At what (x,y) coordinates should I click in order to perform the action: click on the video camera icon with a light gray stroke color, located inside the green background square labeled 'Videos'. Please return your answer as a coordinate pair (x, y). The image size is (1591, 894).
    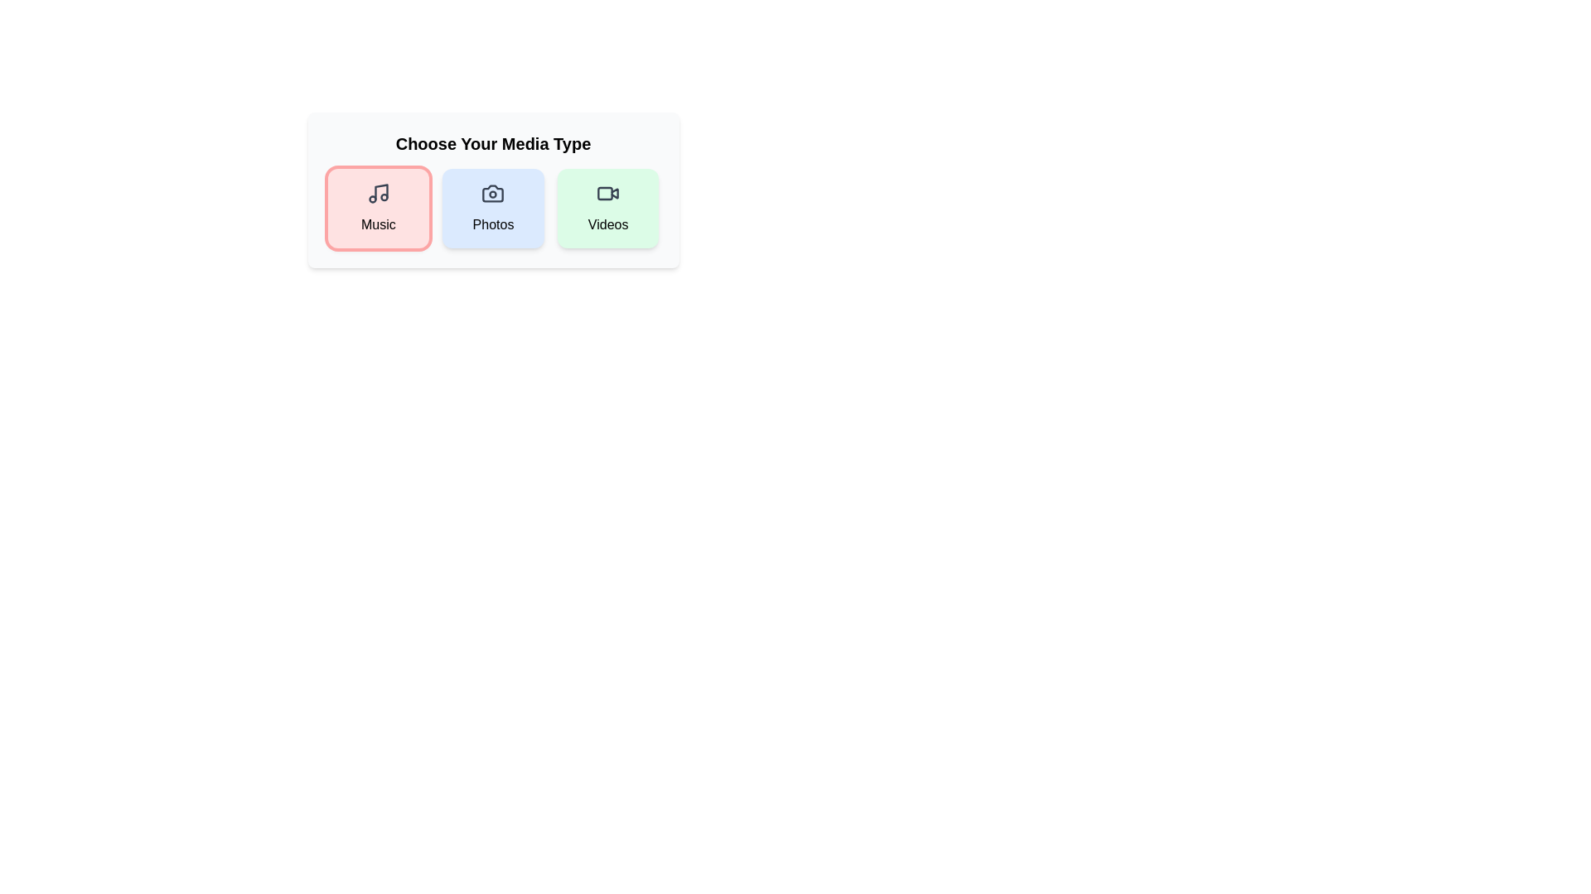
    Looking at the image, I should click on (607, 193).